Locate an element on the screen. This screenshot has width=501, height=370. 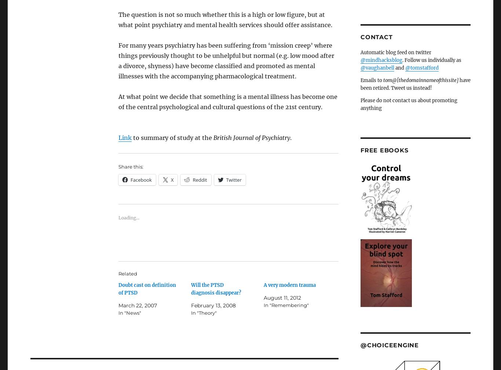
'March 22, 2007' is located at coordinates (118, 285).